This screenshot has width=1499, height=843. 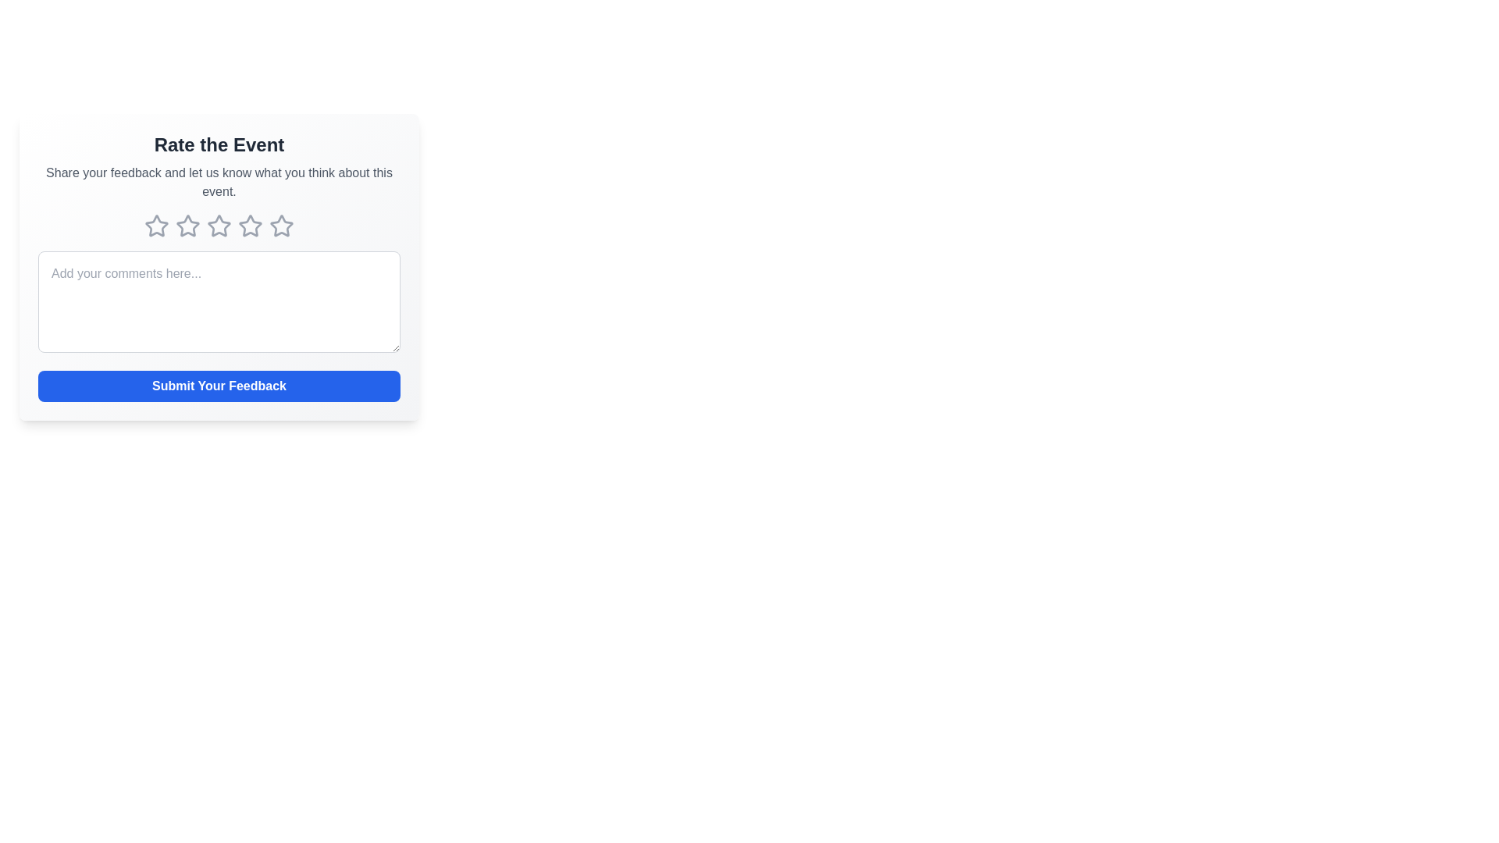 I want to click on text label that says 'Share your feedback and let us know what you think about this event.' styled in muted gray color, located below the heading 'Rate the Event', so click(x=219, y=182).